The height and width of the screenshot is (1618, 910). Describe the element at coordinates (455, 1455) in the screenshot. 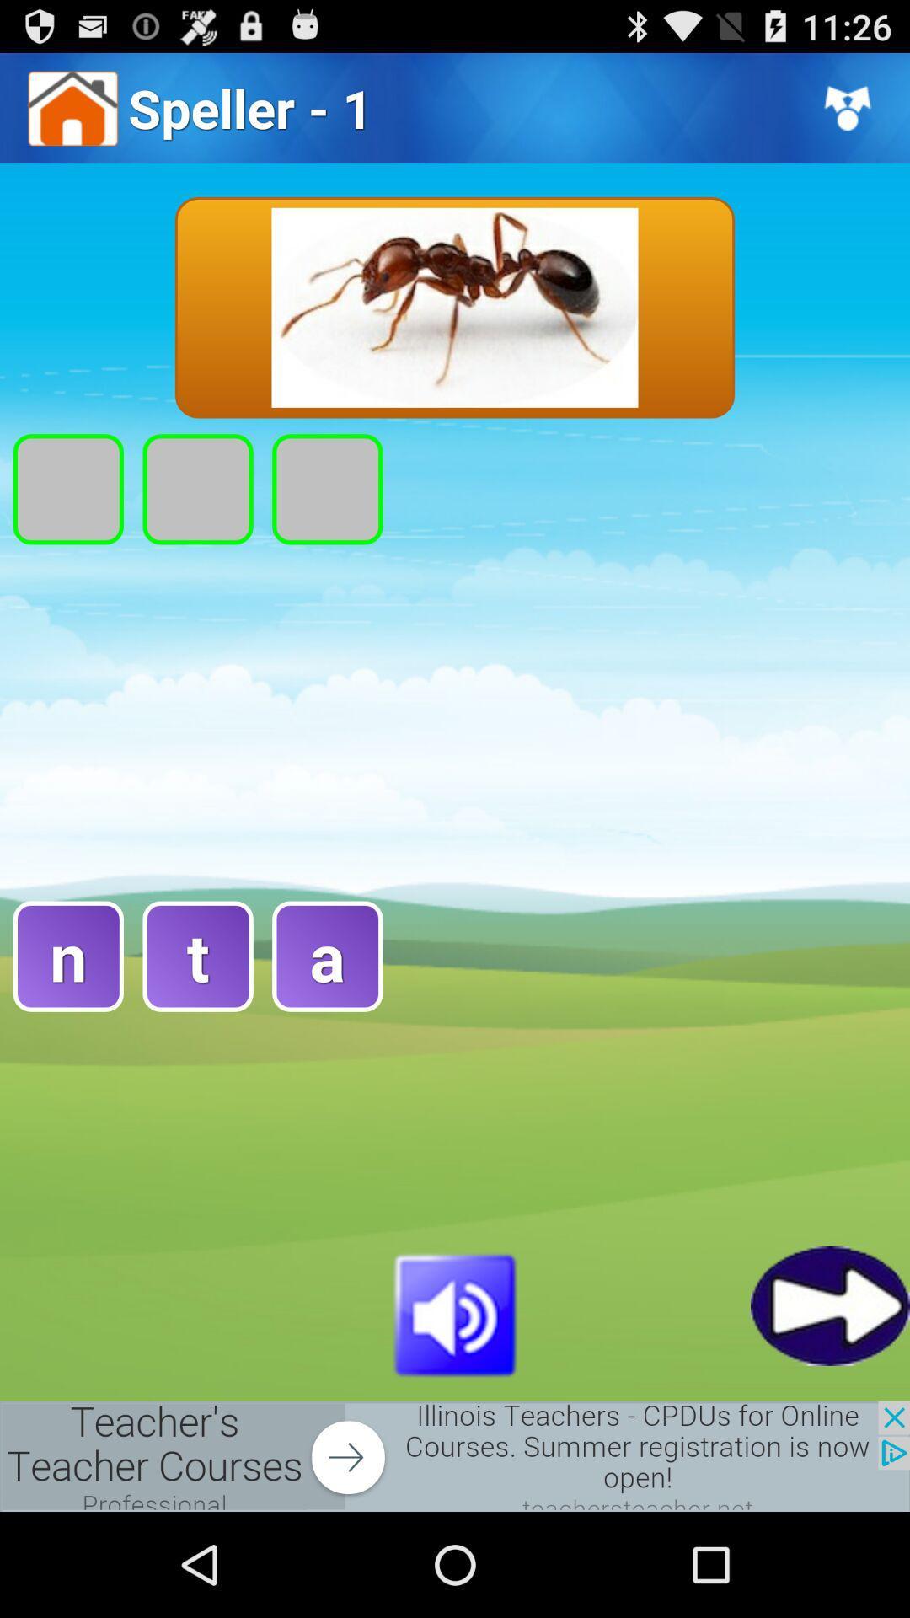

I see `open advertisement` at that location.